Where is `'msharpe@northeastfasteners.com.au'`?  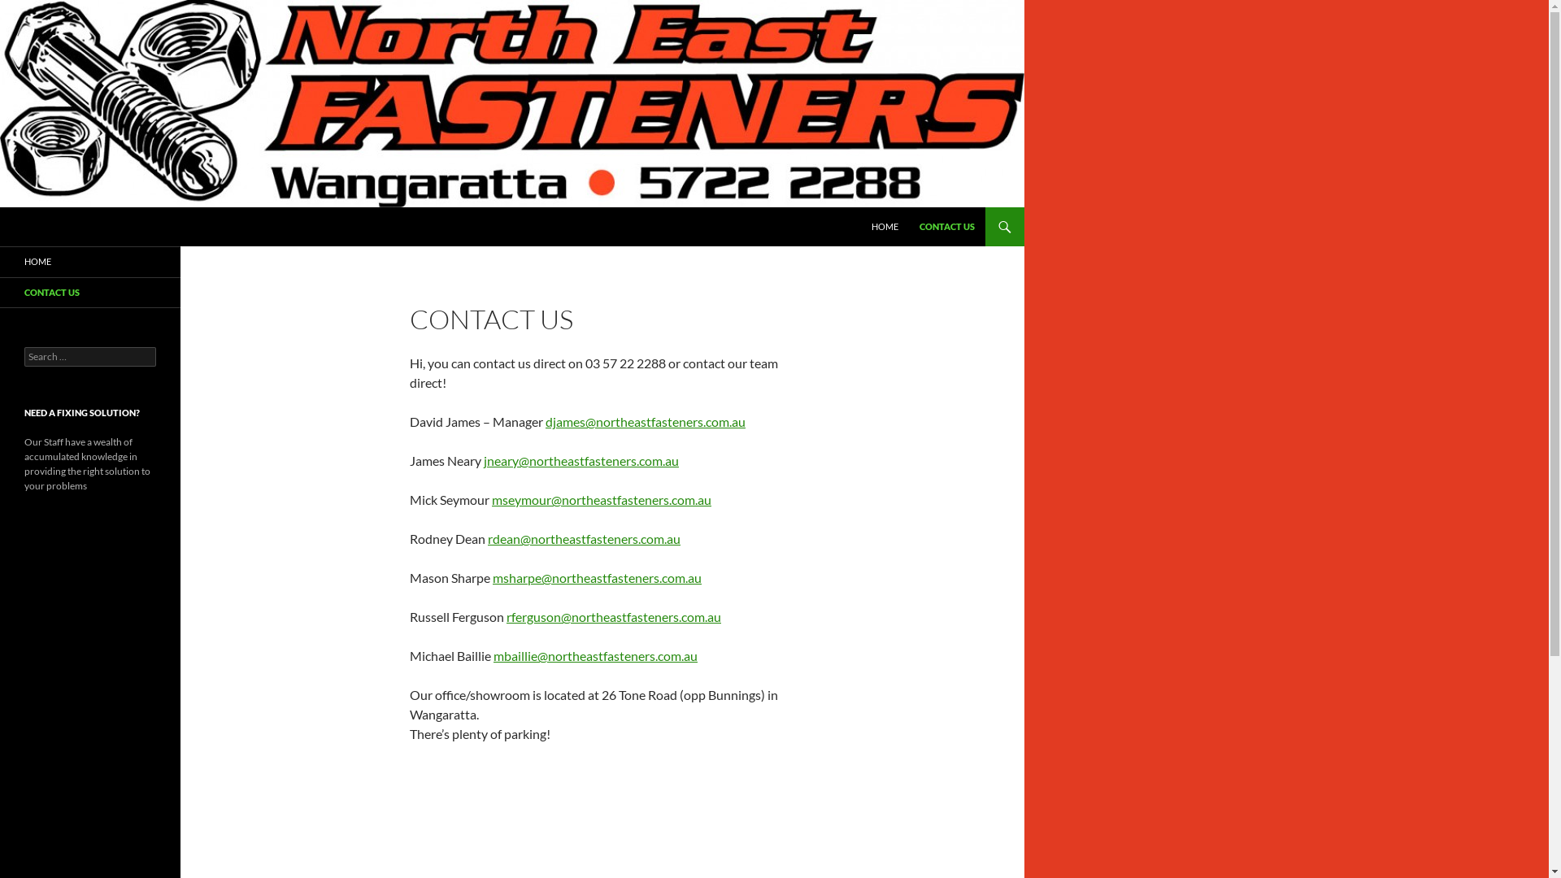
'msharpe@northeastfasteners.com.au' is located at coordinates (596, 576).